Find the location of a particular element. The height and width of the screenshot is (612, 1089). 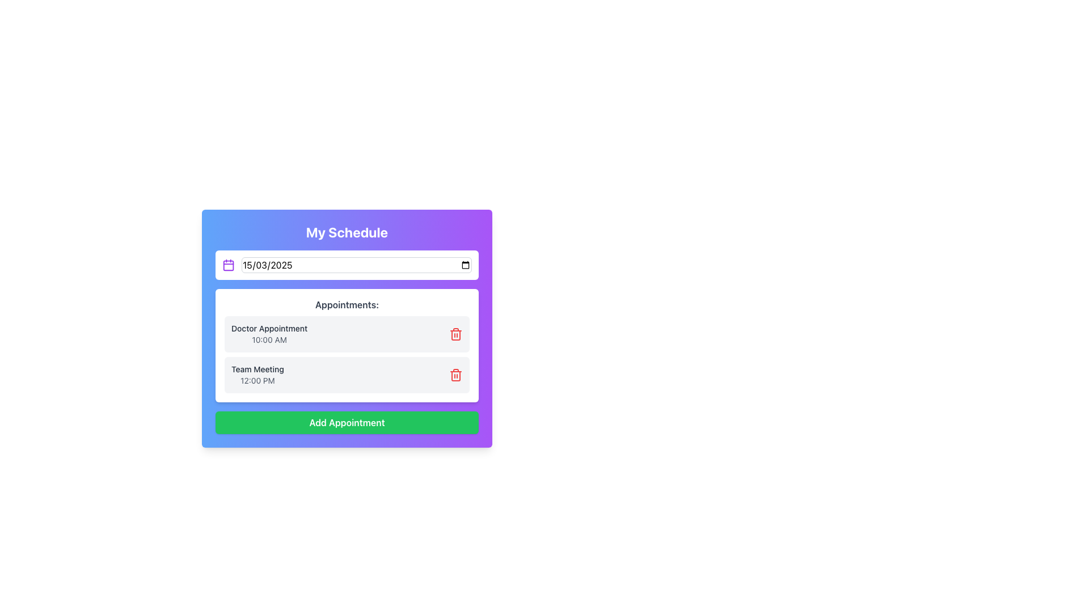

the first appointment entry in the 'Appointments' section, which displays the title and time of the event is located at coordinates (346, 334).